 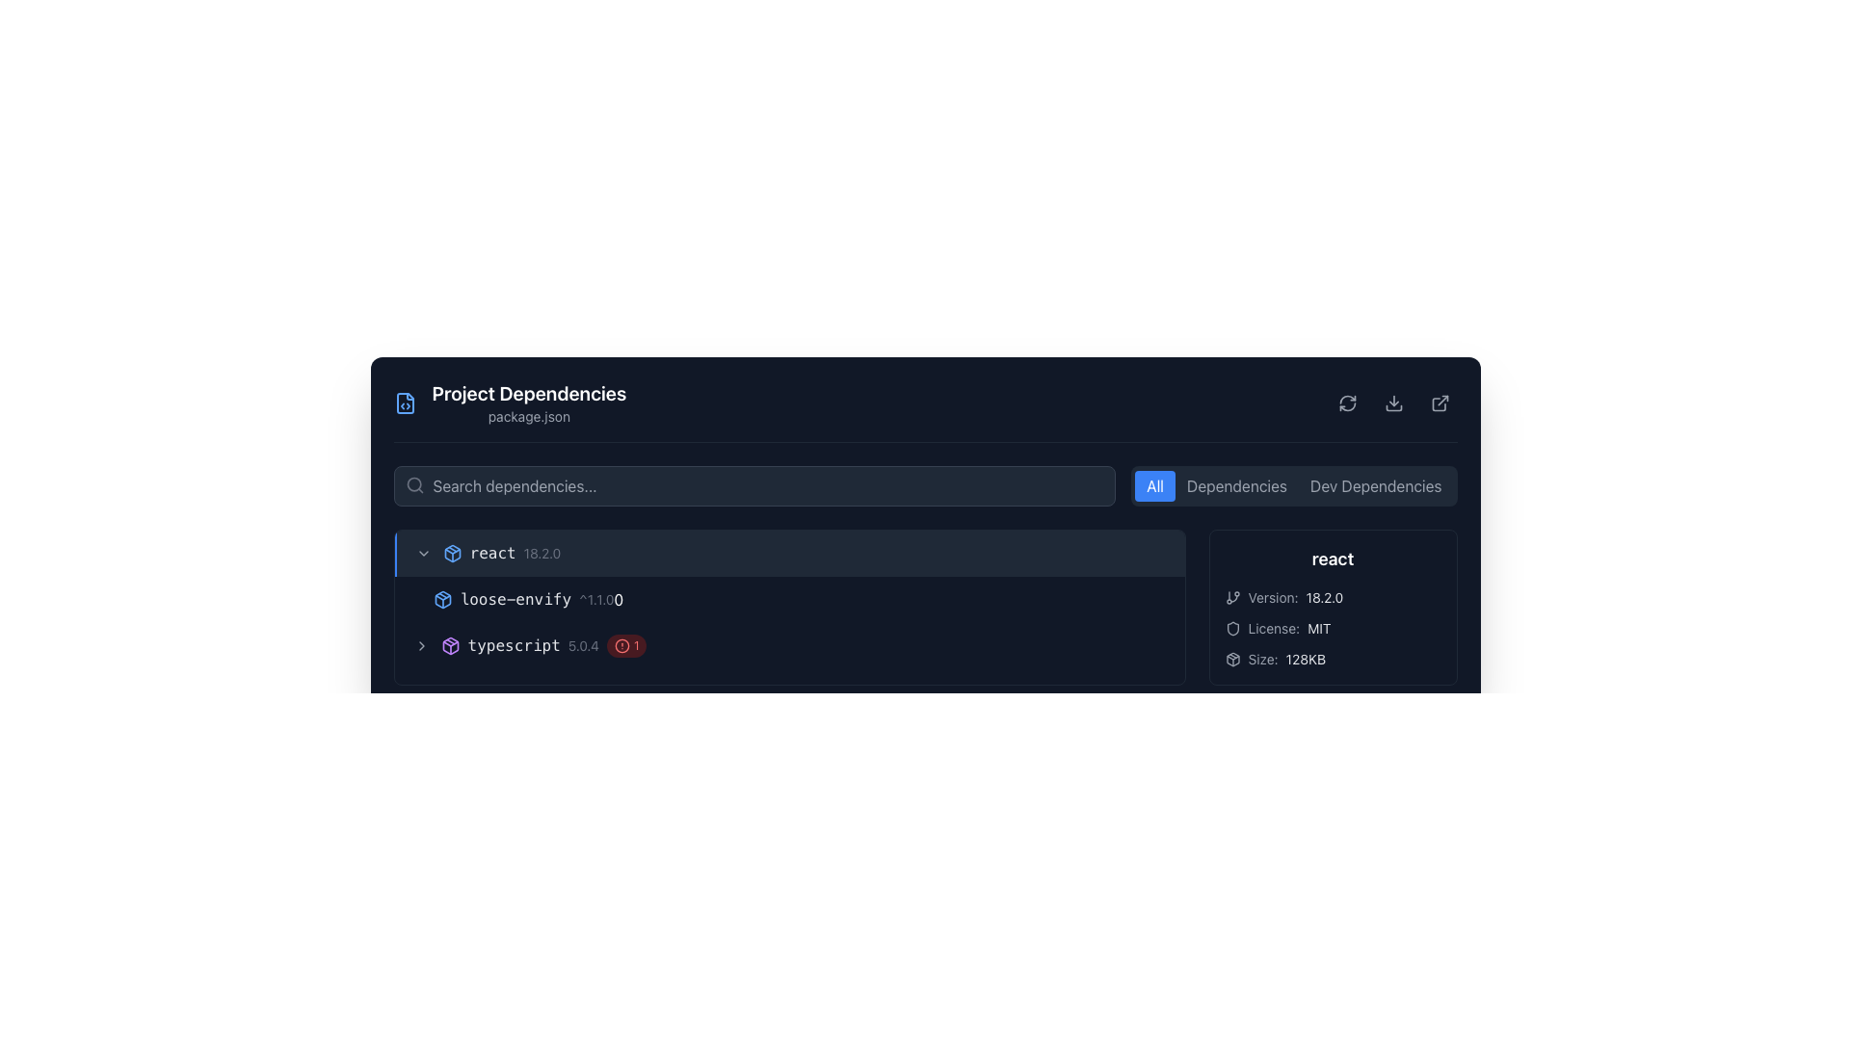 What do you see at coordinates (404, 403) in the screenshot?
I see `the blue file icon with a folded corner located to the left of the 'Project Dependencies' text in the header area` at bounding box center [404, 403].